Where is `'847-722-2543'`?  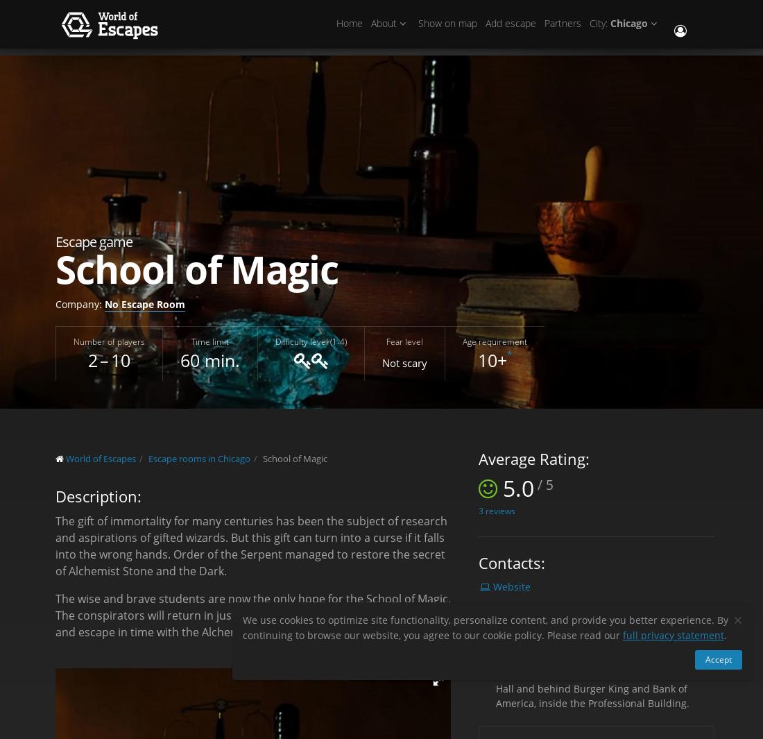 '847-722-2543' is located at coordinates (495, 649).